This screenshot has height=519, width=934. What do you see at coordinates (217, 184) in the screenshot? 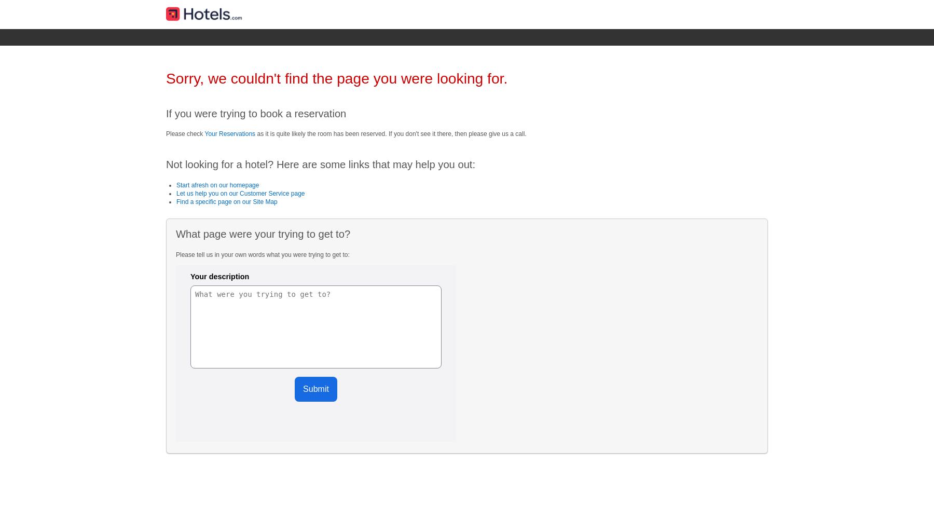
I see `'Start afresh on our homepage'` at bounding box center [217, 184].